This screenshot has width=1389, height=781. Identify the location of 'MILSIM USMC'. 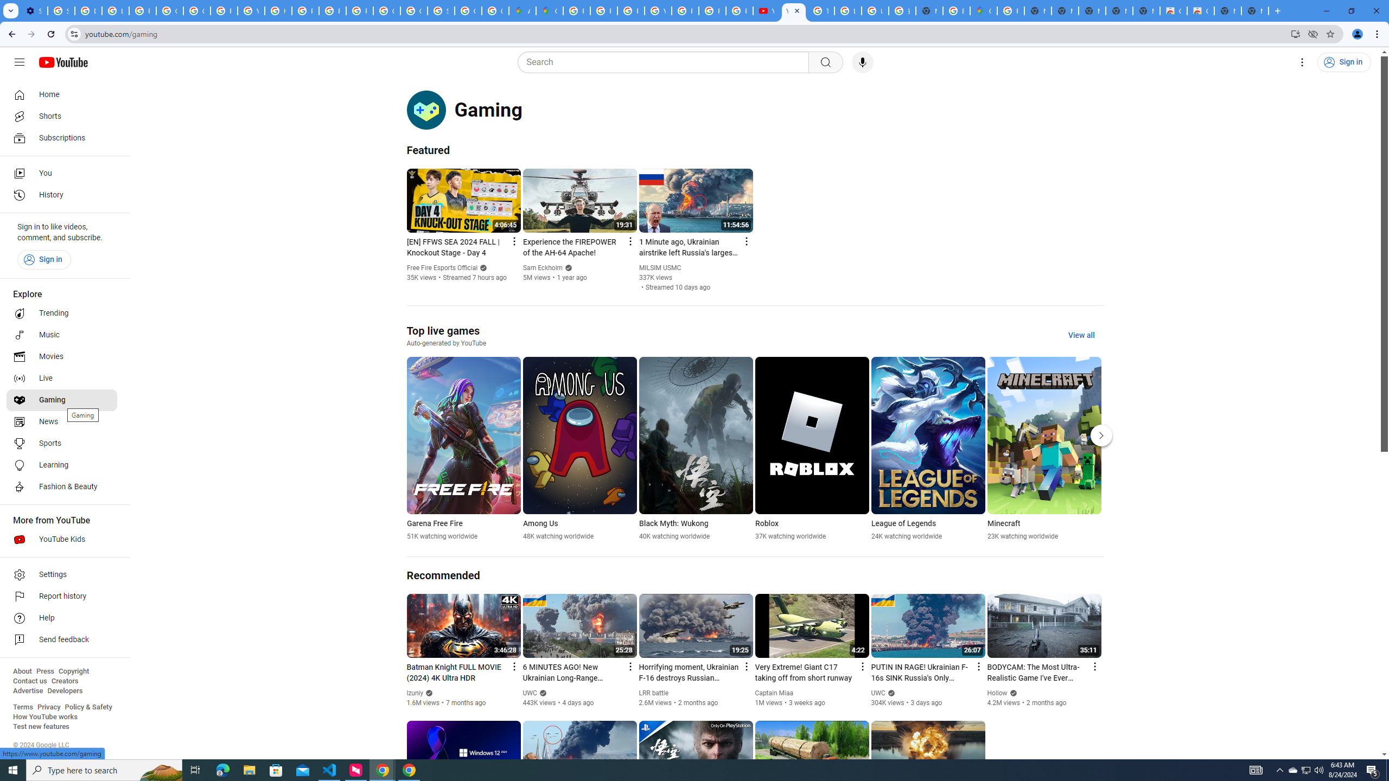
(660, 267).